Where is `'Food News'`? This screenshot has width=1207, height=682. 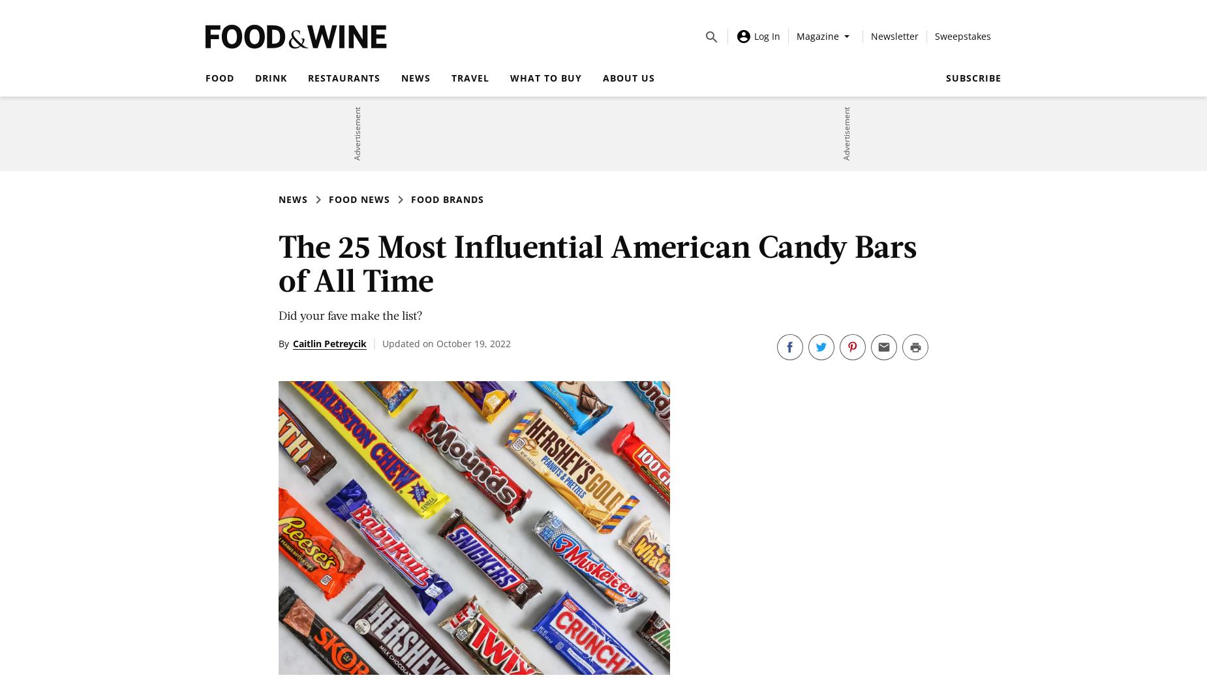 'Food News' is located at coordinates (359, 199).